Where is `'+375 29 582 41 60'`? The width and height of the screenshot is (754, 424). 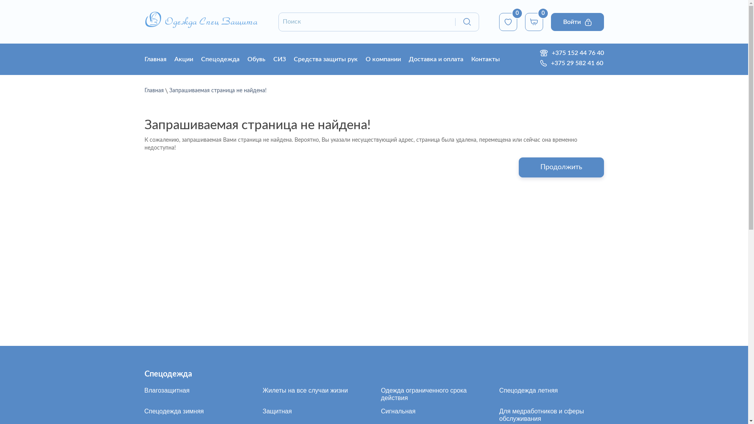 '+375 29 582 41 60' is located at coordinates (575, 63).